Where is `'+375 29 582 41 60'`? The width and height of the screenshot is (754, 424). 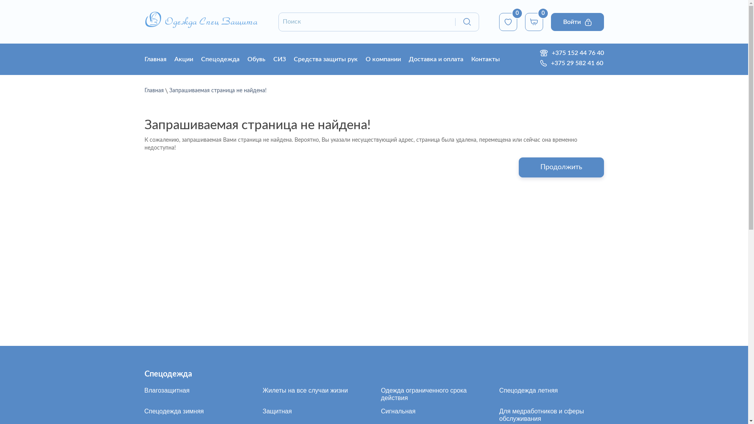 '+375 29 582 41 60' is located at coordinates (575, 63).